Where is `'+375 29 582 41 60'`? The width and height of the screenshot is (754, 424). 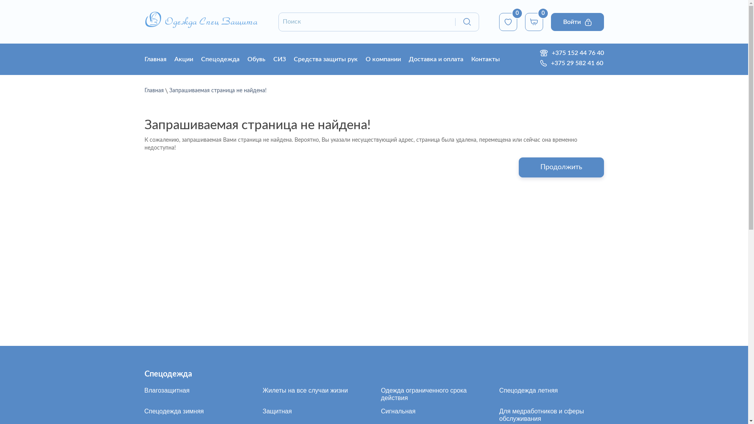 '+375 29 582 41 60' is located at coordinates (575, 63).